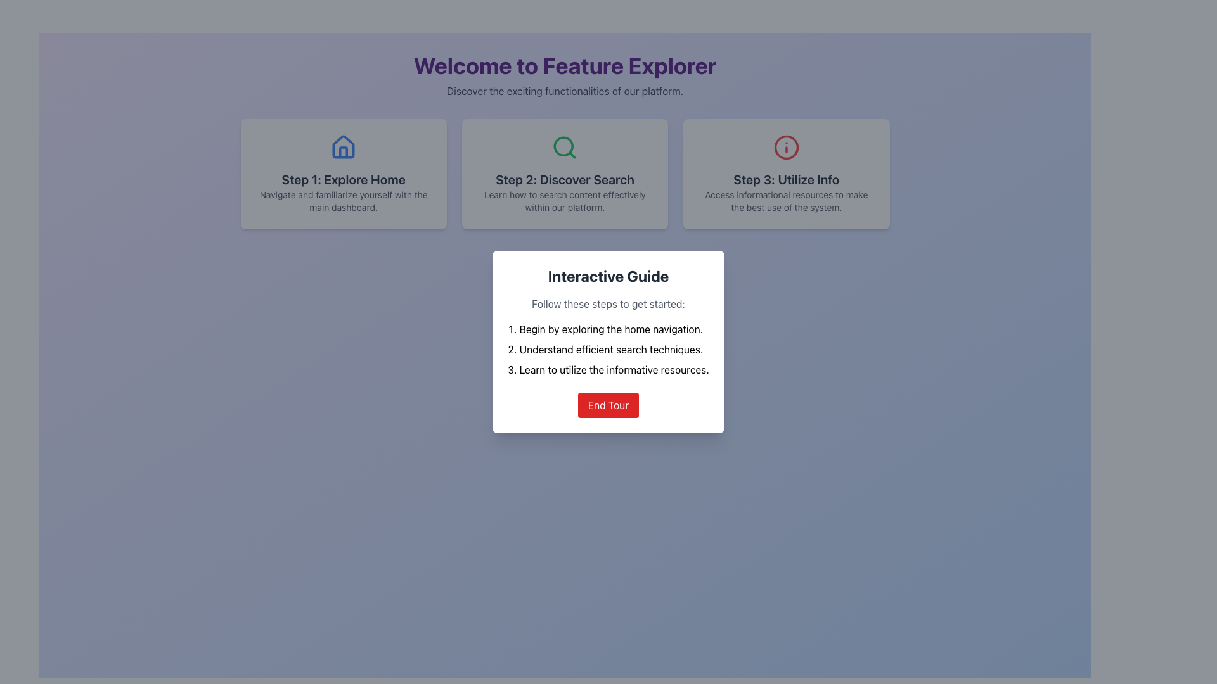 This screenshot has height=684, width=1217. What do you see at coordinates (608, 329) in the screenshot?
I see `the text 'Begin by exploring the home navigation.' which is the first item in the list within the 'Interactive Guide' dialog box` at bounding box center [608, 329].